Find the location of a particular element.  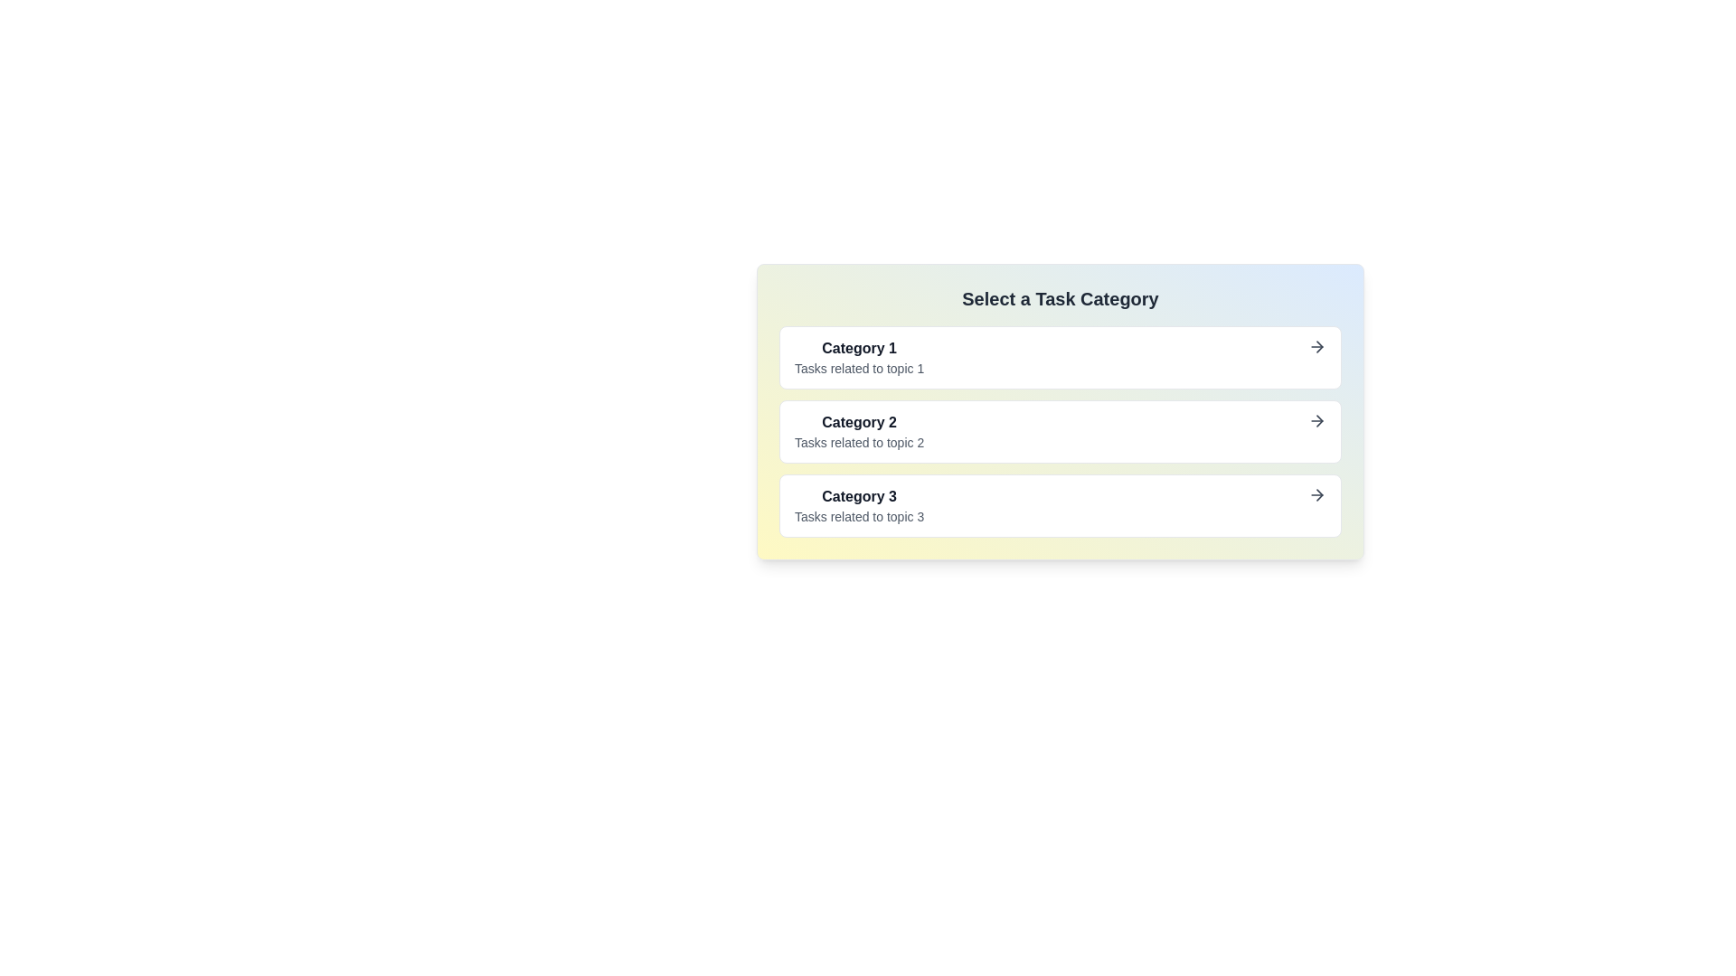

the 'Category 3' button which is a rectangular button-like component with a light border and rounded corners is located at coordinates (1060, 505).